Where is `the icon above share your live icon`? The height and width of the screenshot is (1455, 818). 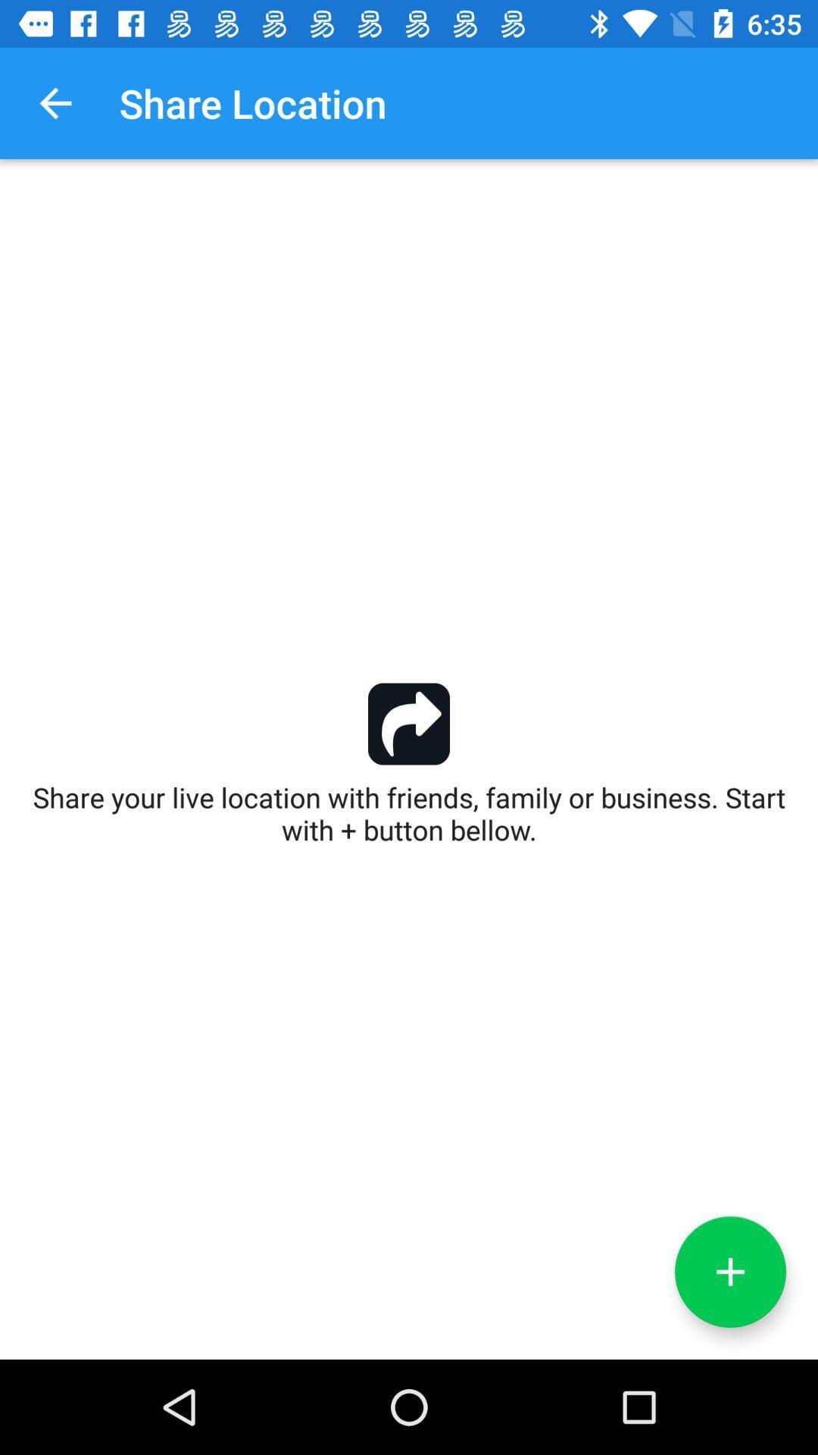 the icon above share your live icon is located at coordinates (55, 102).